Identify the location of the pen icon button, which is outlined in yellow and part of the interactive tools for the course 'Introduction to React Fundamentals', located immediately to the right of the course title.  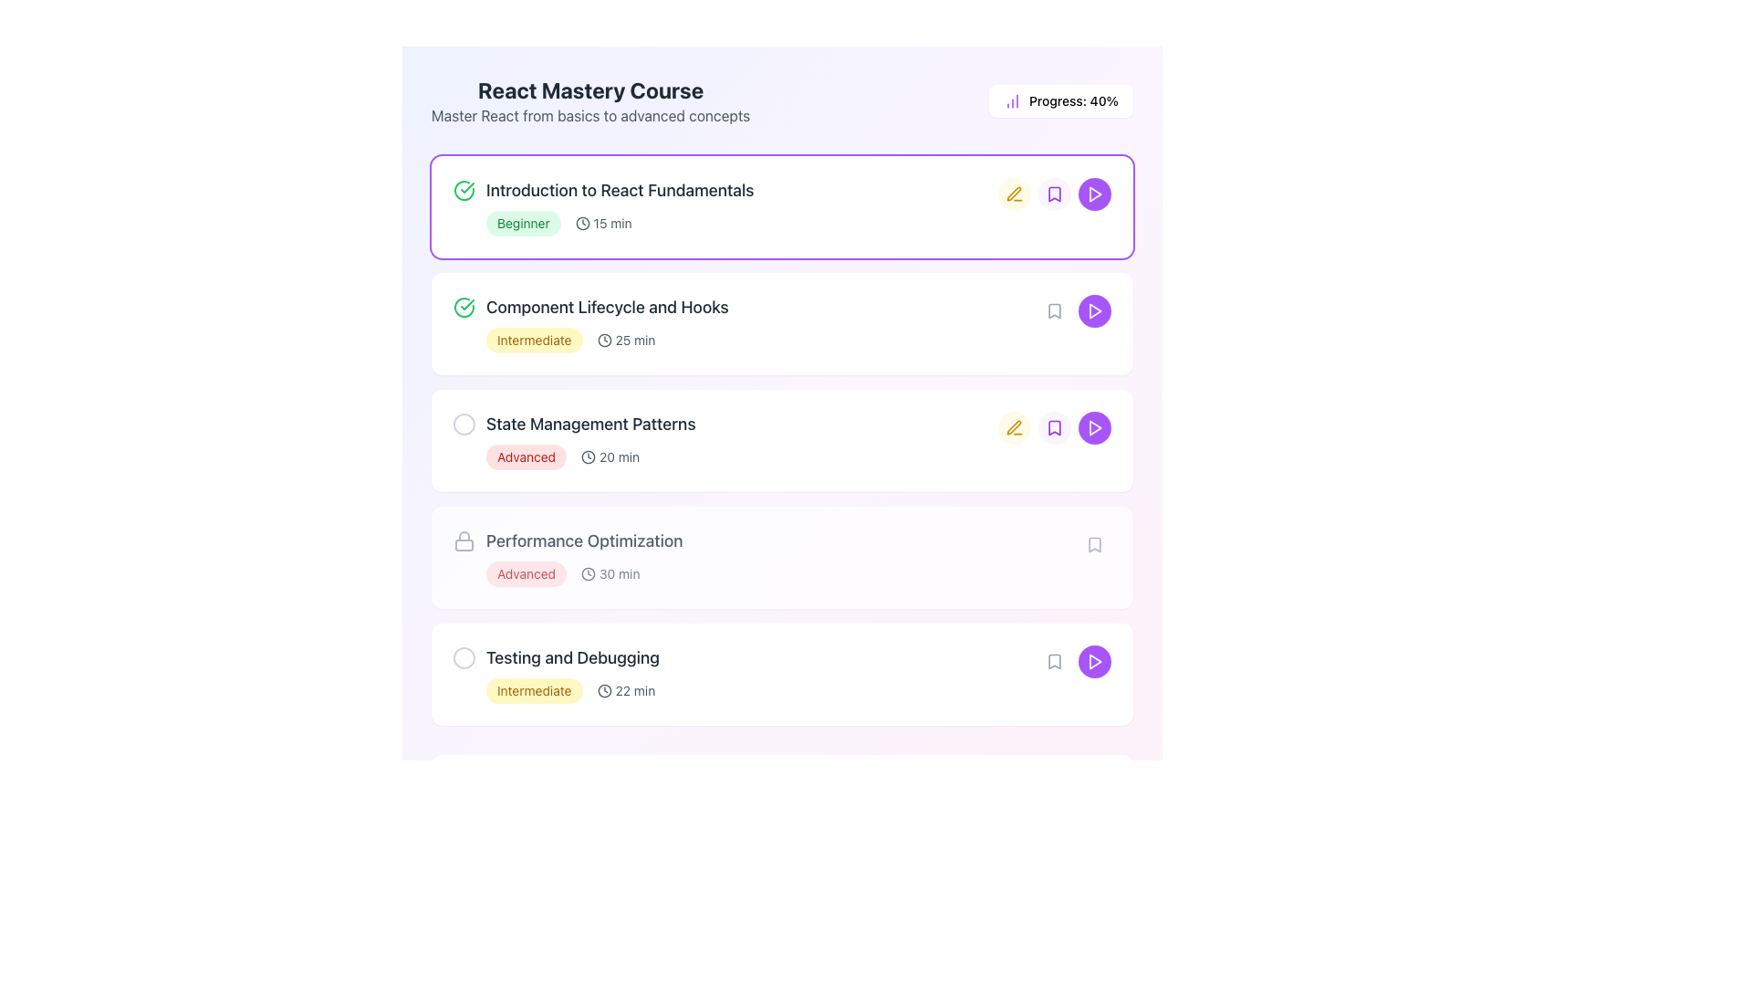
(1014, 428).